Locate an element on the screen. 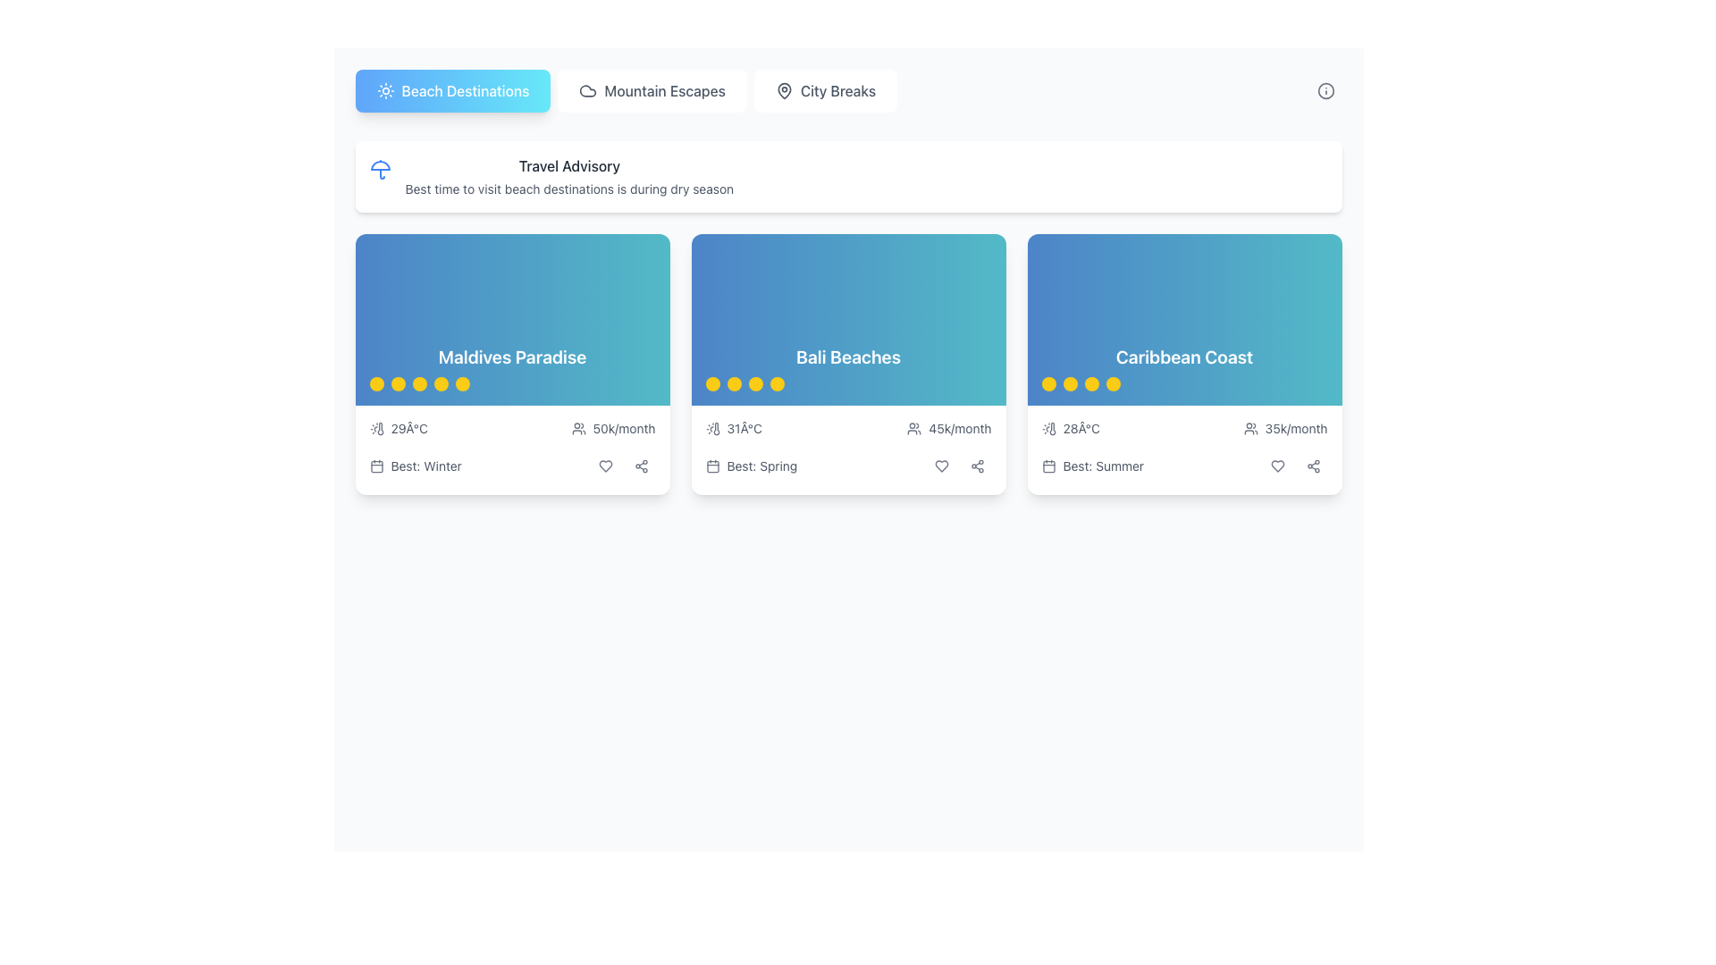  the sun-like icon located on the left side of the 'Beach Destinations' button is located at coordinates (384, 90).